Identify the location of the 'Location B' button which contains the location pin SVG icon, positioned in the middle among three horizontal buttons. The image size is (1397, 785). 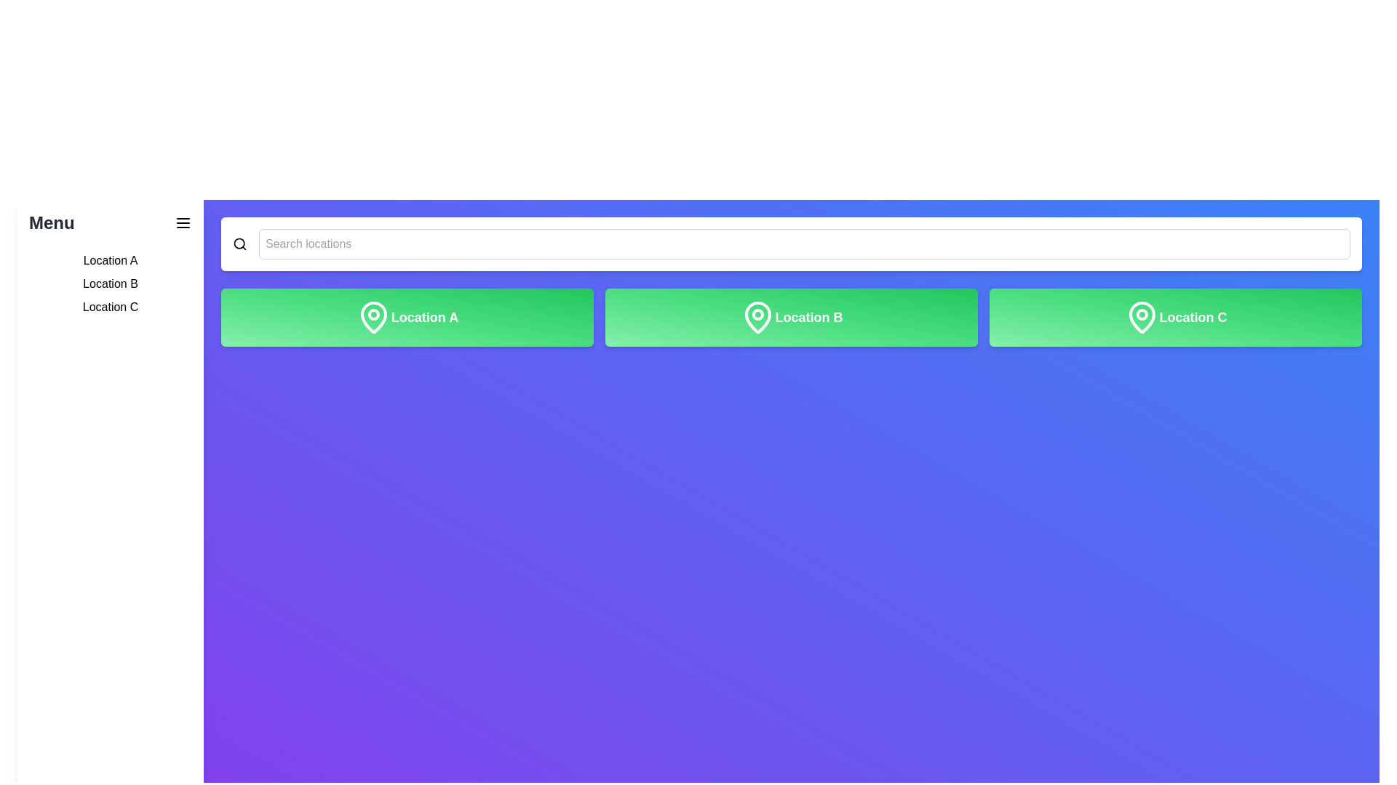
(757, 316).